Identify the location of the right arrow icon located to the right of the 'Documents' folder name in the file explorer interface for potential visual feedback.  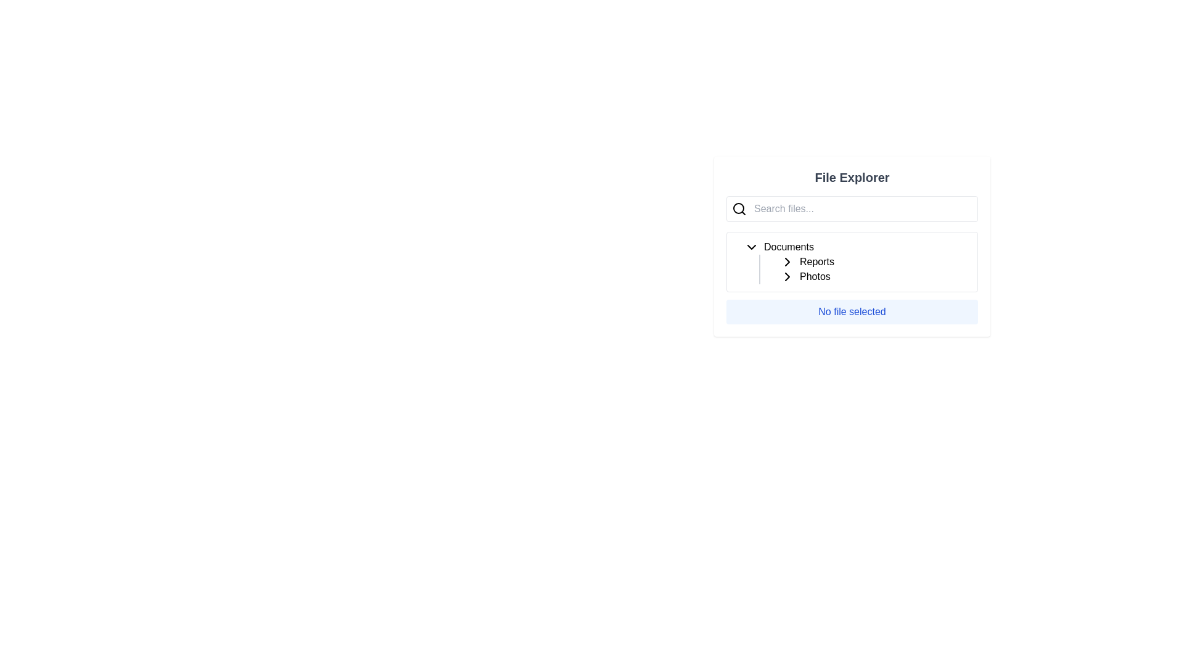
(786, 276).